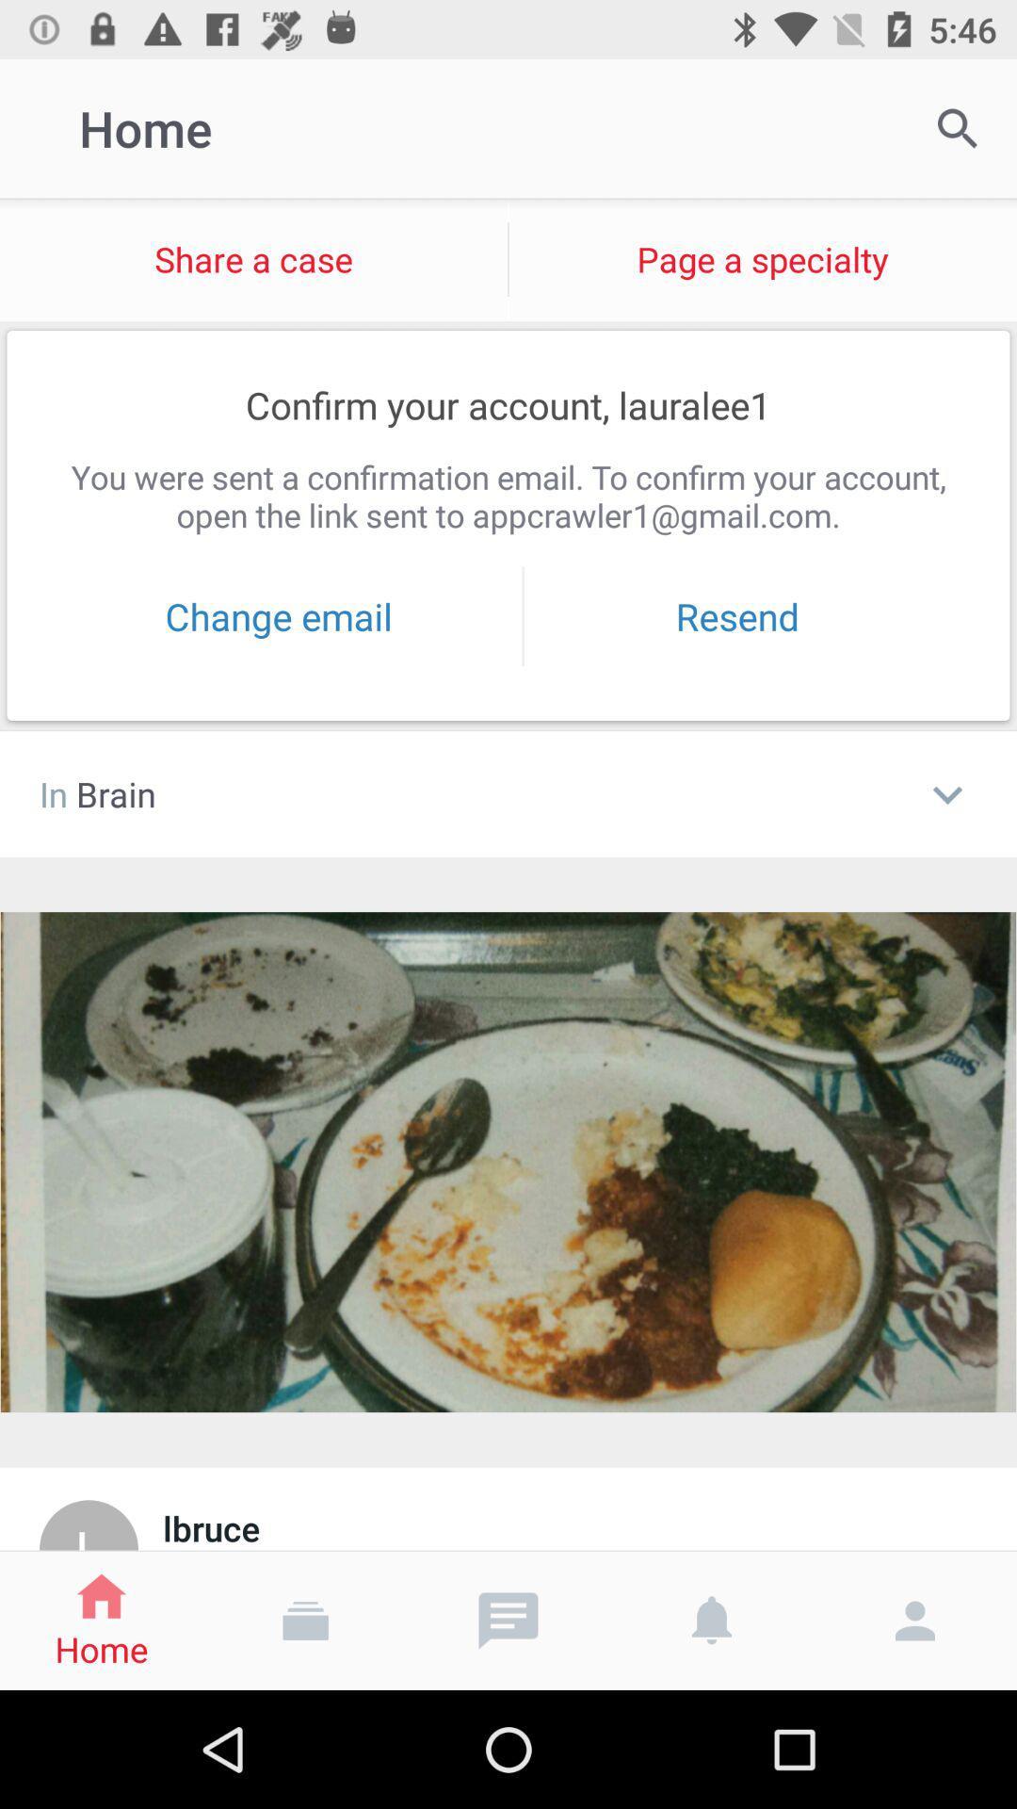 The height and width of the screenshot is (1809, 1017). What do you see at coordinates (252, 258) in the screenshot?
I see `the share a case icon` at bounding box center [252, 258].